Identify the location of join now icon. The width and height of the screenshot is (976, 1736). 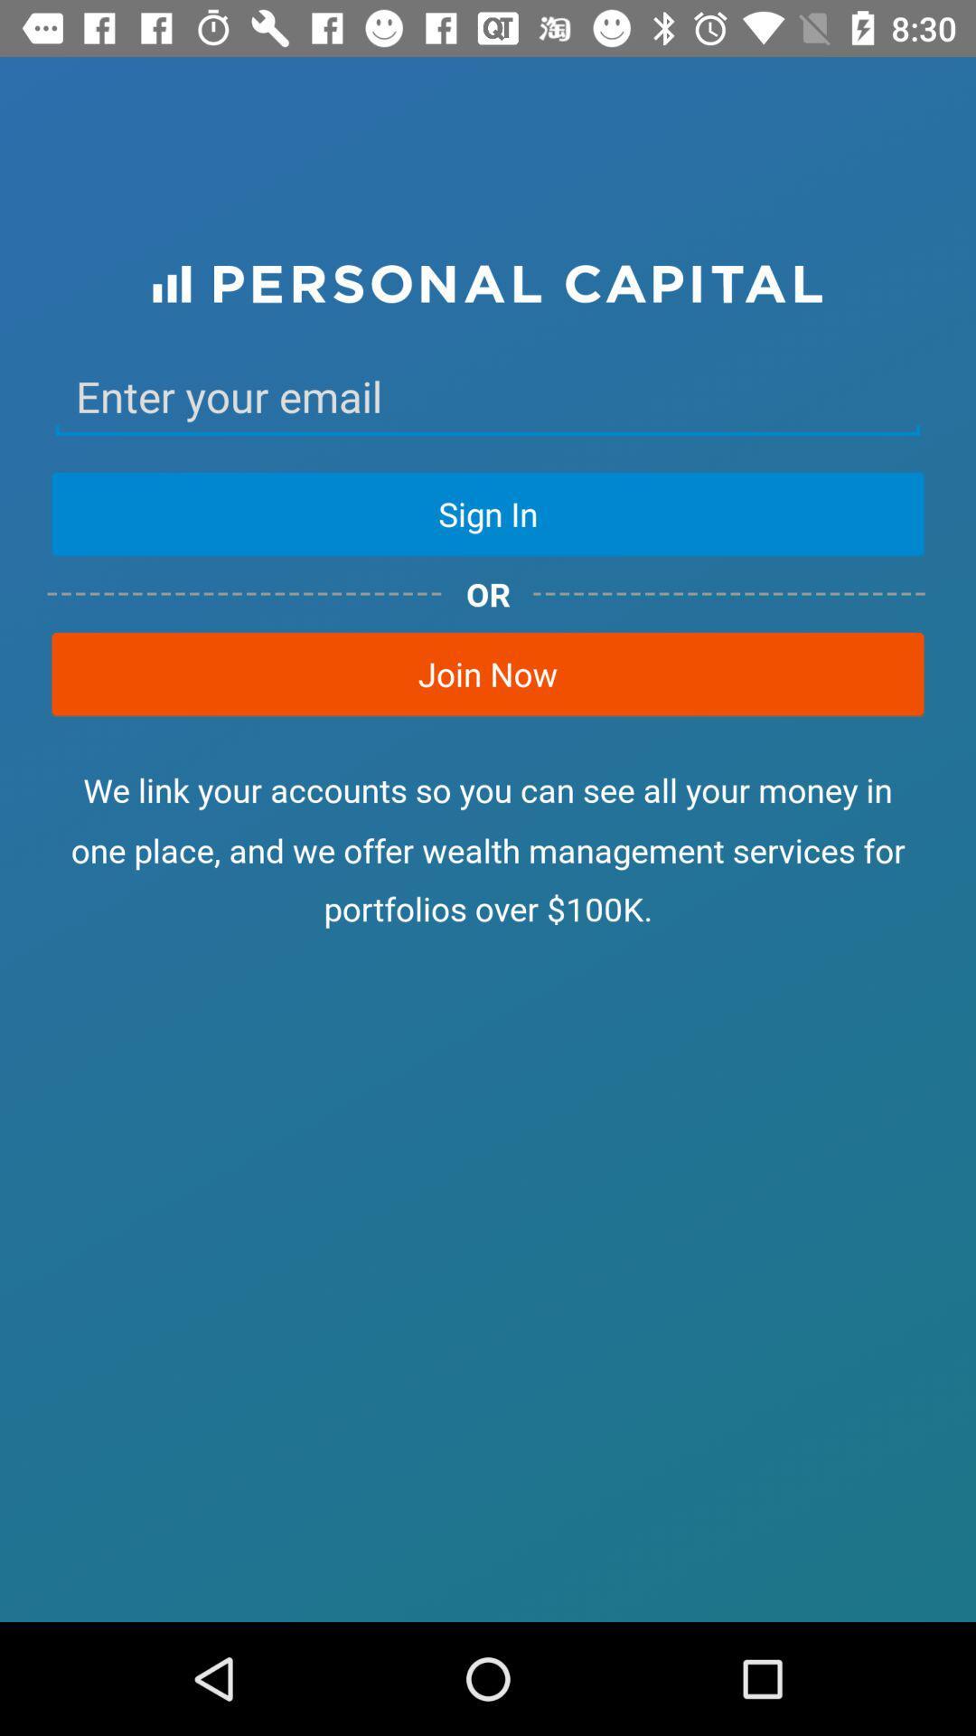
(488, 673).